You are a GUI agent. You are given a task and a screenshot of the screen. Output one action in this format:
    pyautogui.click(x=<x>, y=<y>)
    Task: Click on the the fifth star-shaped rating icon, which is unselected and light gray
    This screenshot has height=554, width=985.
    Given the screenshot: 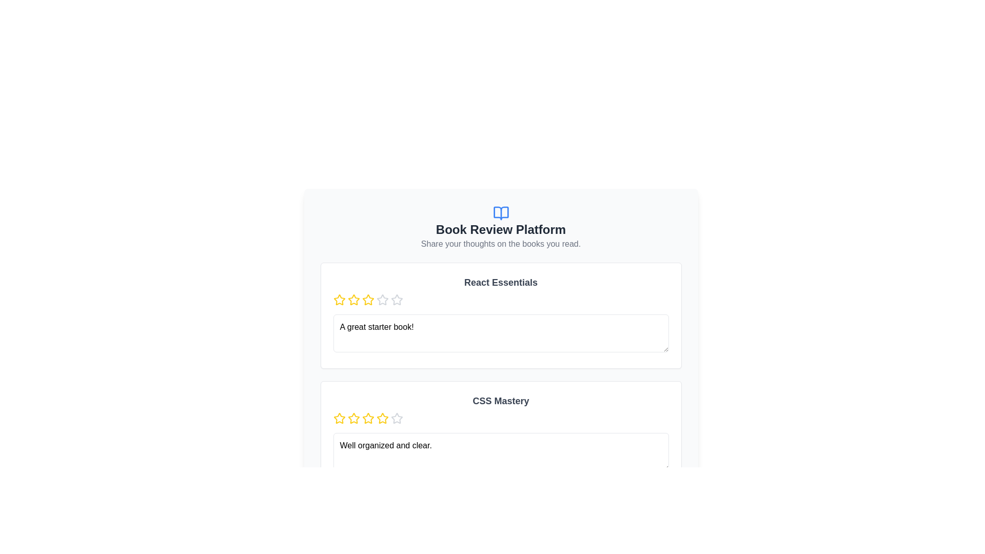 What is the action you would take?
    pyautogui.click(x=396, y=419)
    